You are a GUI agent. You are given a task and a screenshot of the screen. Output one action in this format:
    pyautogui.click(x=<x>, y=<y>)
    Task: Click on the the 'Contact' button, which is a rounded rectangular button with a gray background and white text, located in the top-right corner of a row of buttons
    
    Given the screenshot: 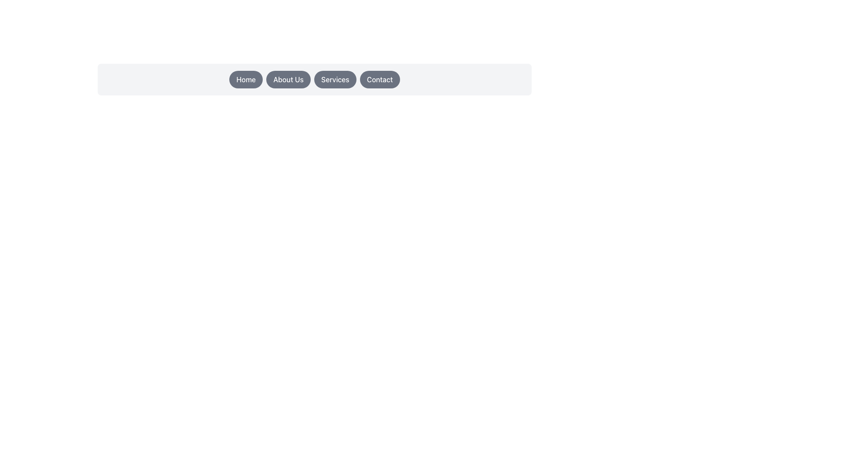 What is the action you would take?
    pyautogui.click(x=380, y=80)
    